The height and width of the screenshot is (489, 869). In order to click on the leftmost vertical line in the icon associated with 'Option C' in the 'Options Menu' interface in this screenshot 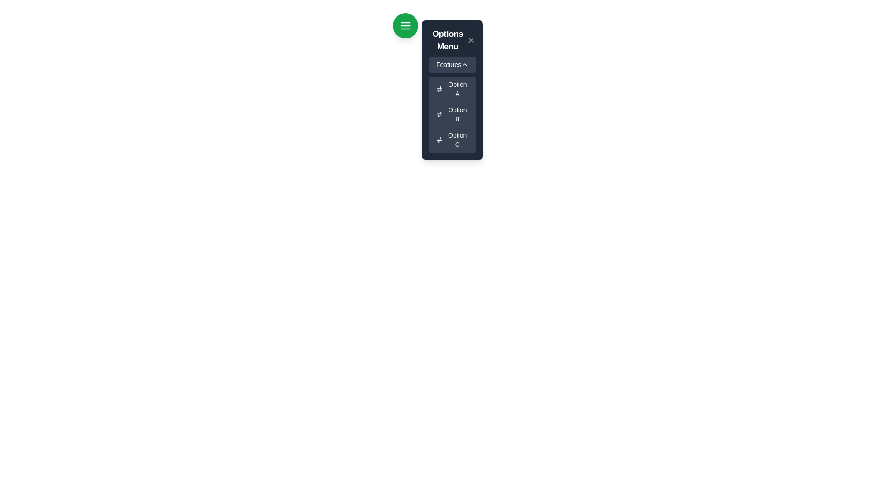, I will do `click(439, 139)`.